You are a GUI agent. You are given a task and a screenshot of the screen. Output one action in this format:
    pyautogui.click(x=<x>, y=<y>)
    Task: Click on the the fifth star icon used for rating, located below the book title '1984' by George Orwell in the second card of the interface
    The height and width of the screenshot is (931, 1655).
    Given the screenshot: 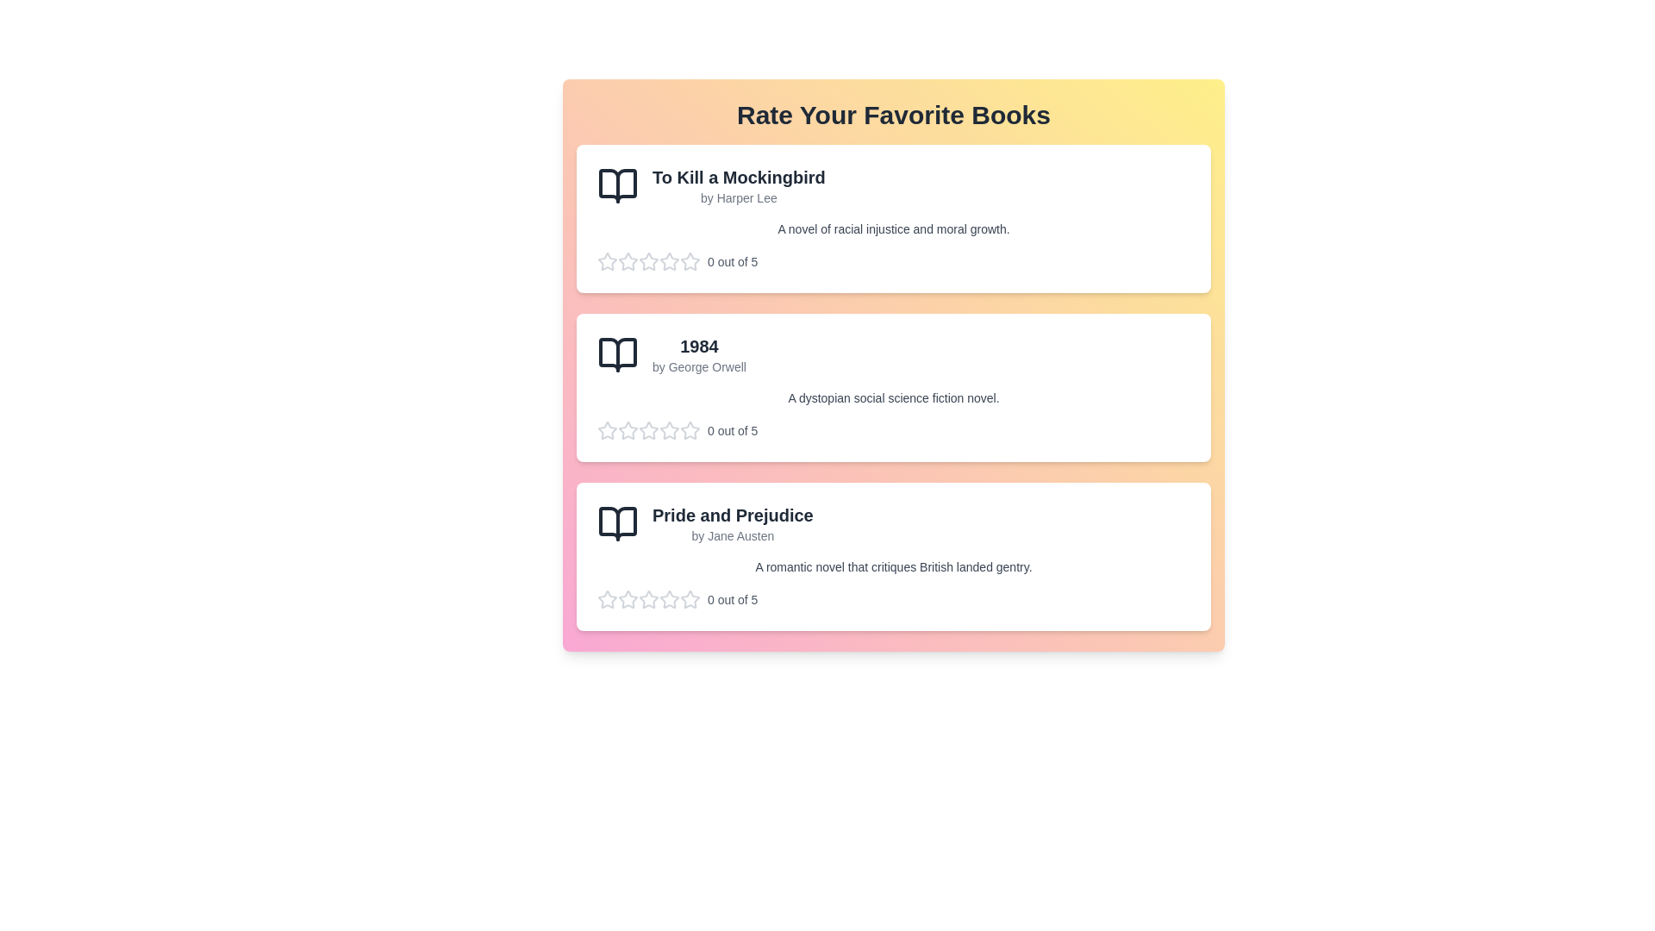 What is the action you would take?
    pyautogui.click(x=669, y=430)
    